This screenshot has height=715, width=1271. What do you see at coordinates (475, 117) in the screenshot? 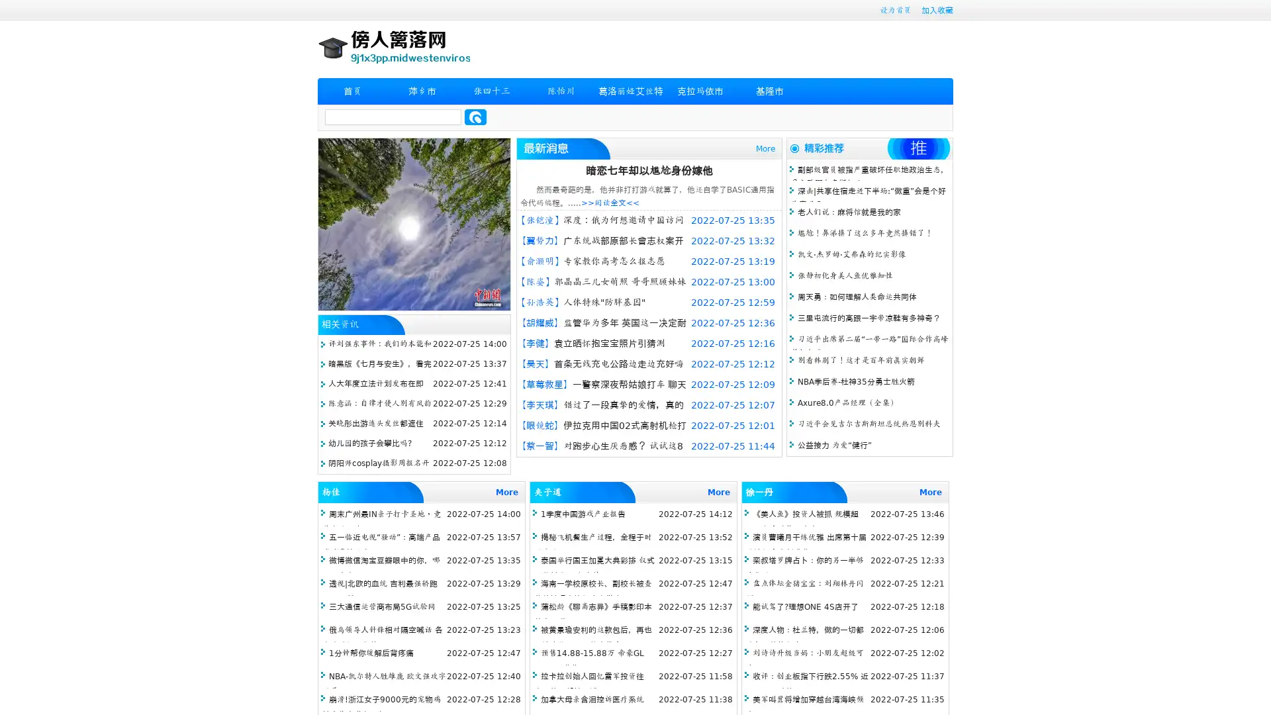
I see `Search` at bounding box center [475, 117].